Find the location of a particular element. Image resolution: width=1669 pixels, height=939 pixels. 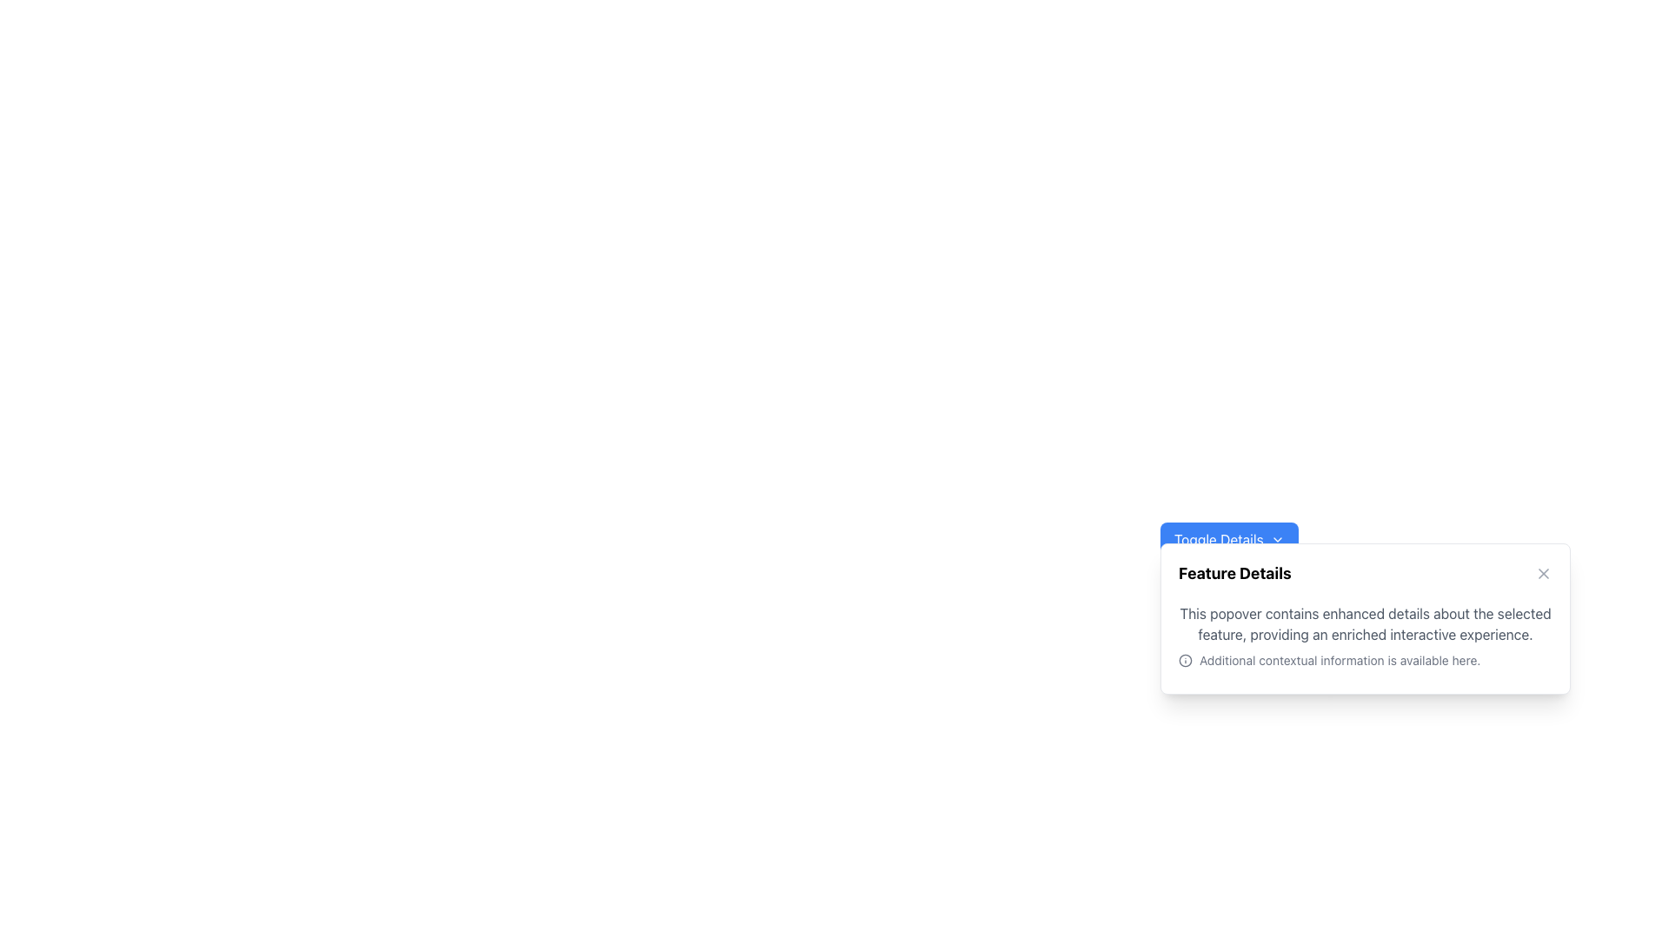

the close button located in the top-right corner of the 'Feature Details' popup is located at coordinates (1544, 573).